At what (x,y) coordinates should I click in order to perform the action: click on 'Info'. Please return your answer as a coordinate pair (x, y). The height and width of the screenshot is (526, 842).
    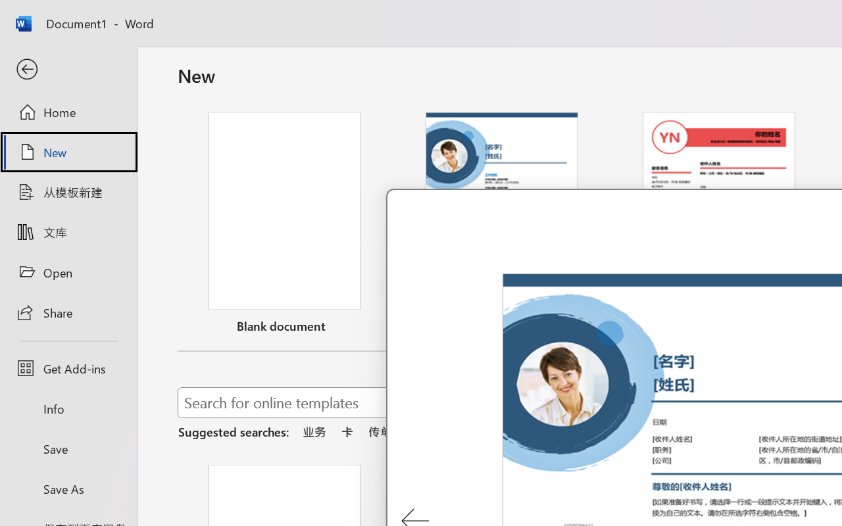
    Looking at the image, I should click on (68, 408).